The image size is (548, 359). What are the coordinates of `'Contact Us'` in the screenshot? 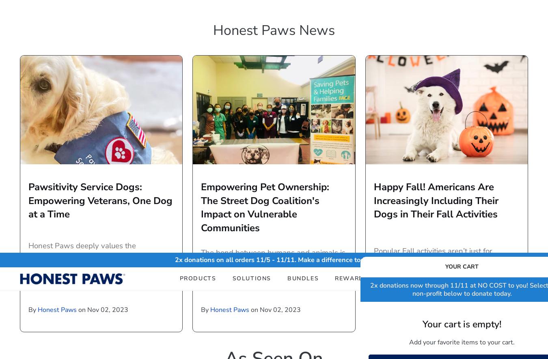 It's located at (295, 284).